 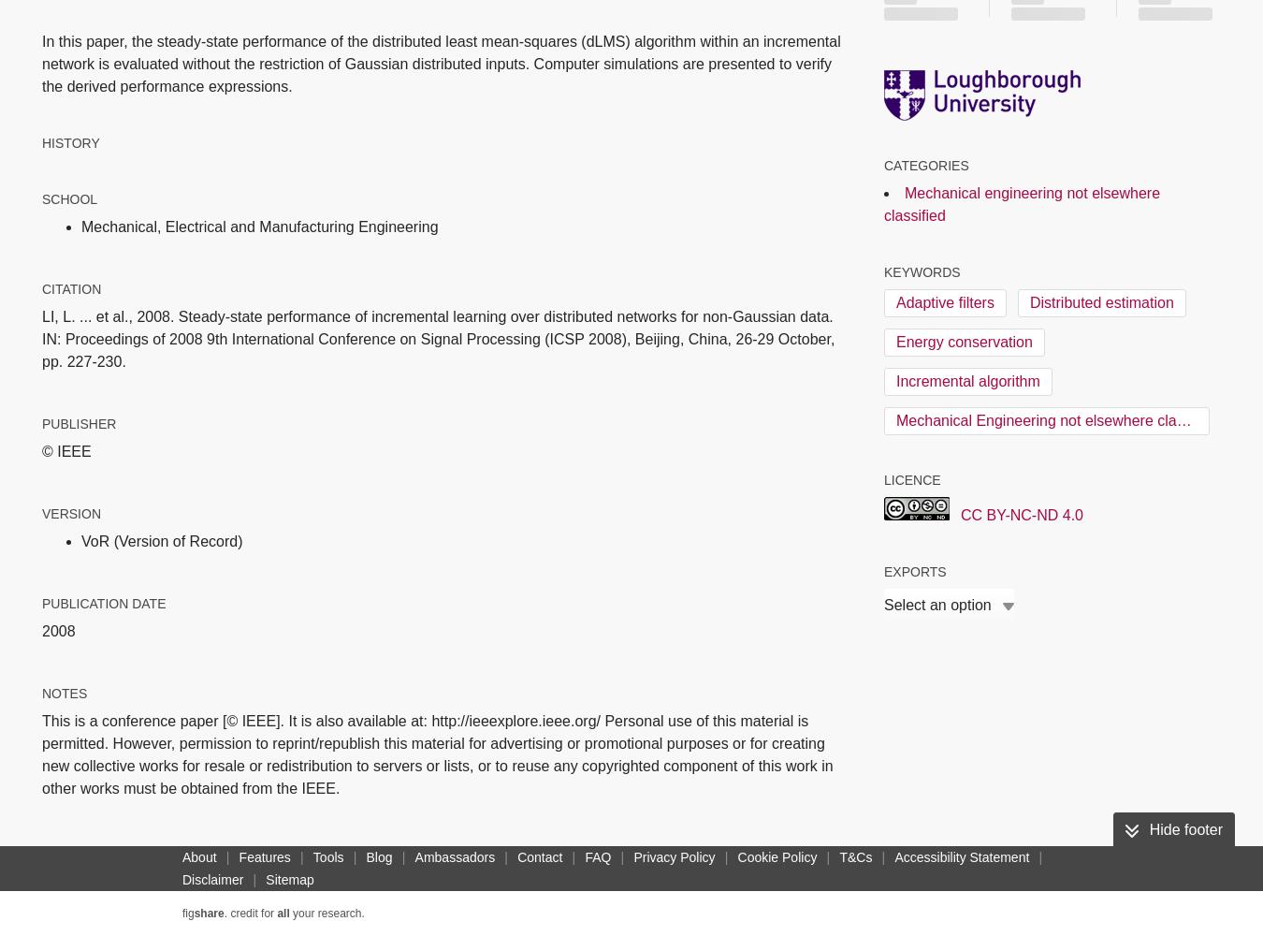 What do you see at coordinates (438, 753) in the screenshot?
I see `'This is a conference paper [© IEEE]. It is also available at: http://ieeexplore.ieee.org/ Personal use of this material is permitted. However, permission to reprint/republish this material for advertising or promotional purposes or for creating new collective works for resale or redistribution to servers or lists, or to reuse any copyrighted component of this work in other works must be obtained from the IEEE.'` at bounding box center [438, 753].